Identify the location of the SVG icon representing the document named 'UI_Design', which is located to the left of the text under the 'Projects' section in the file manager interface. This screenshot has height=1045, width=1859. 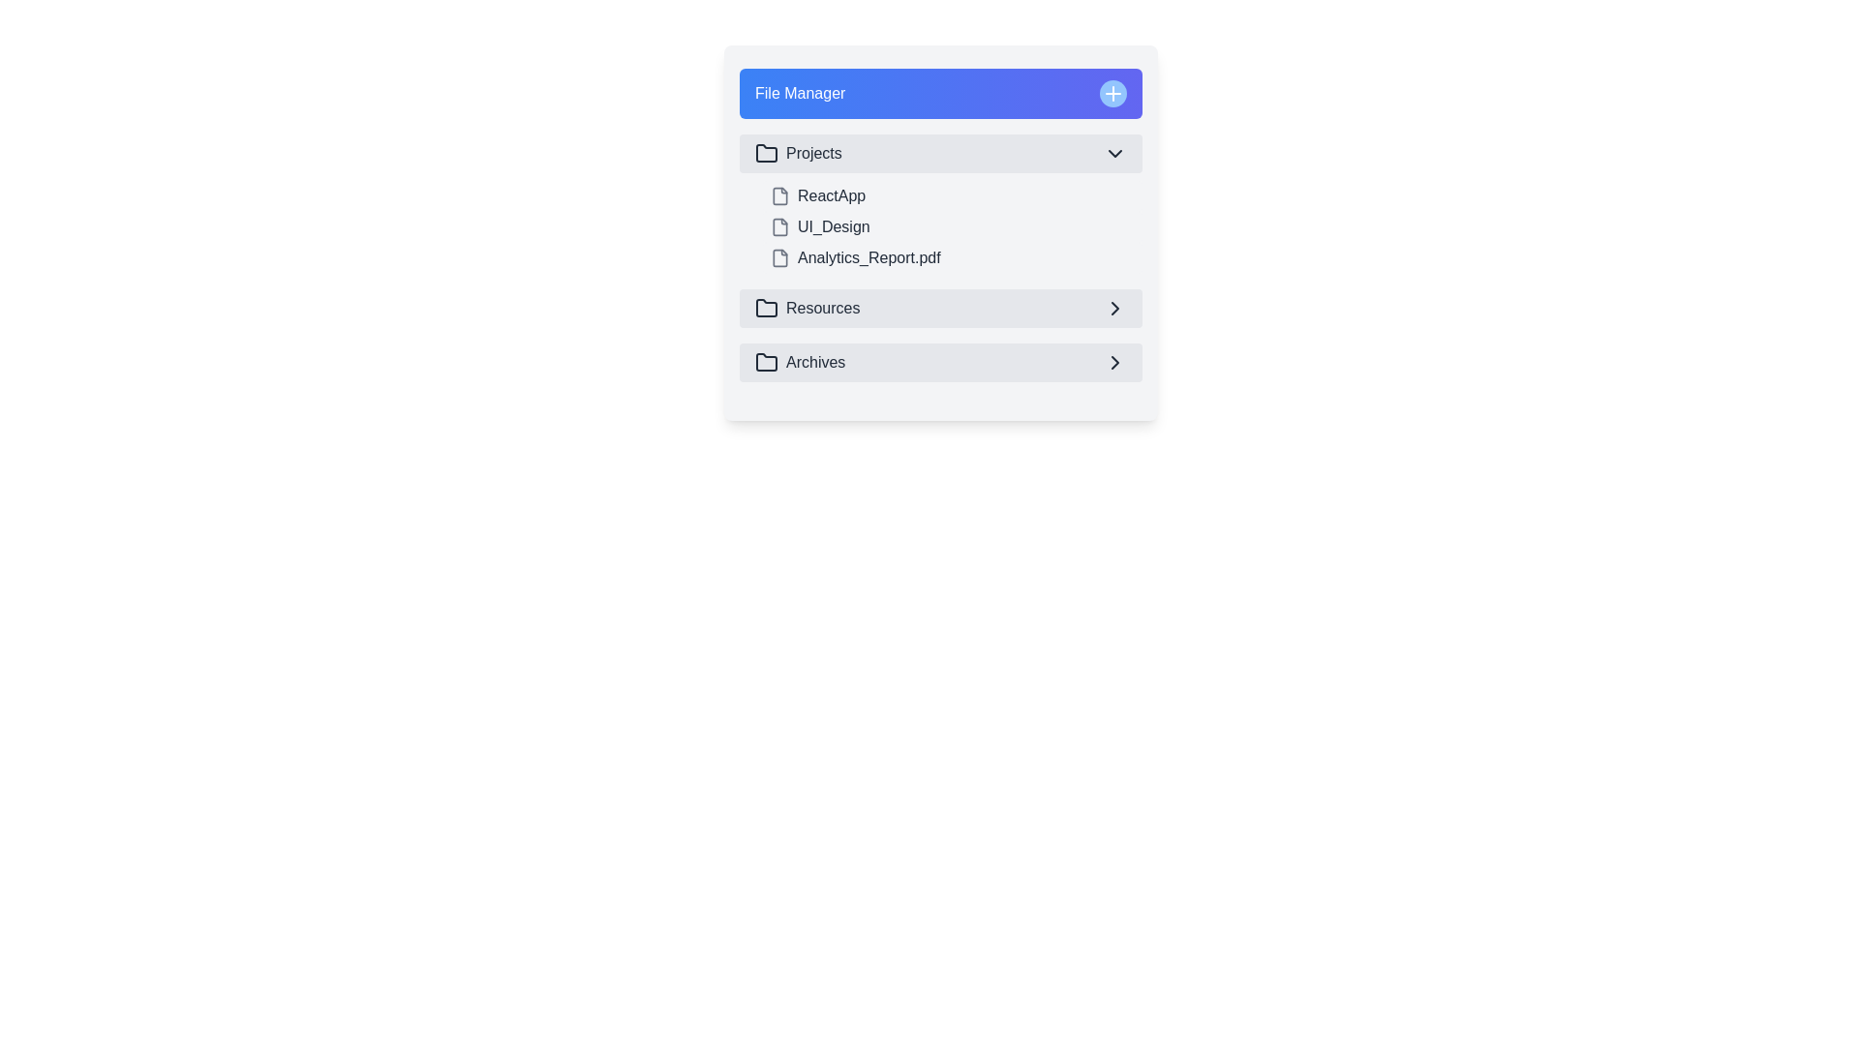
(780, 226).